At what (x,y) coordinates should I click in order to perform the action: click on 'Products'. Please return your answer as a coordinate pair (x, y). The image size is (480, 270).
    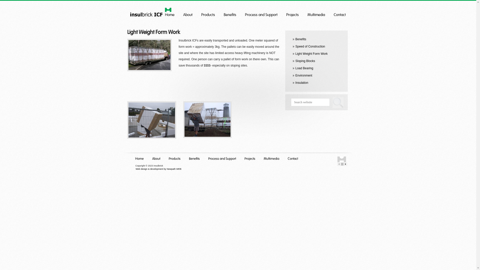
    Looking at the image, I should click on (174, 157).